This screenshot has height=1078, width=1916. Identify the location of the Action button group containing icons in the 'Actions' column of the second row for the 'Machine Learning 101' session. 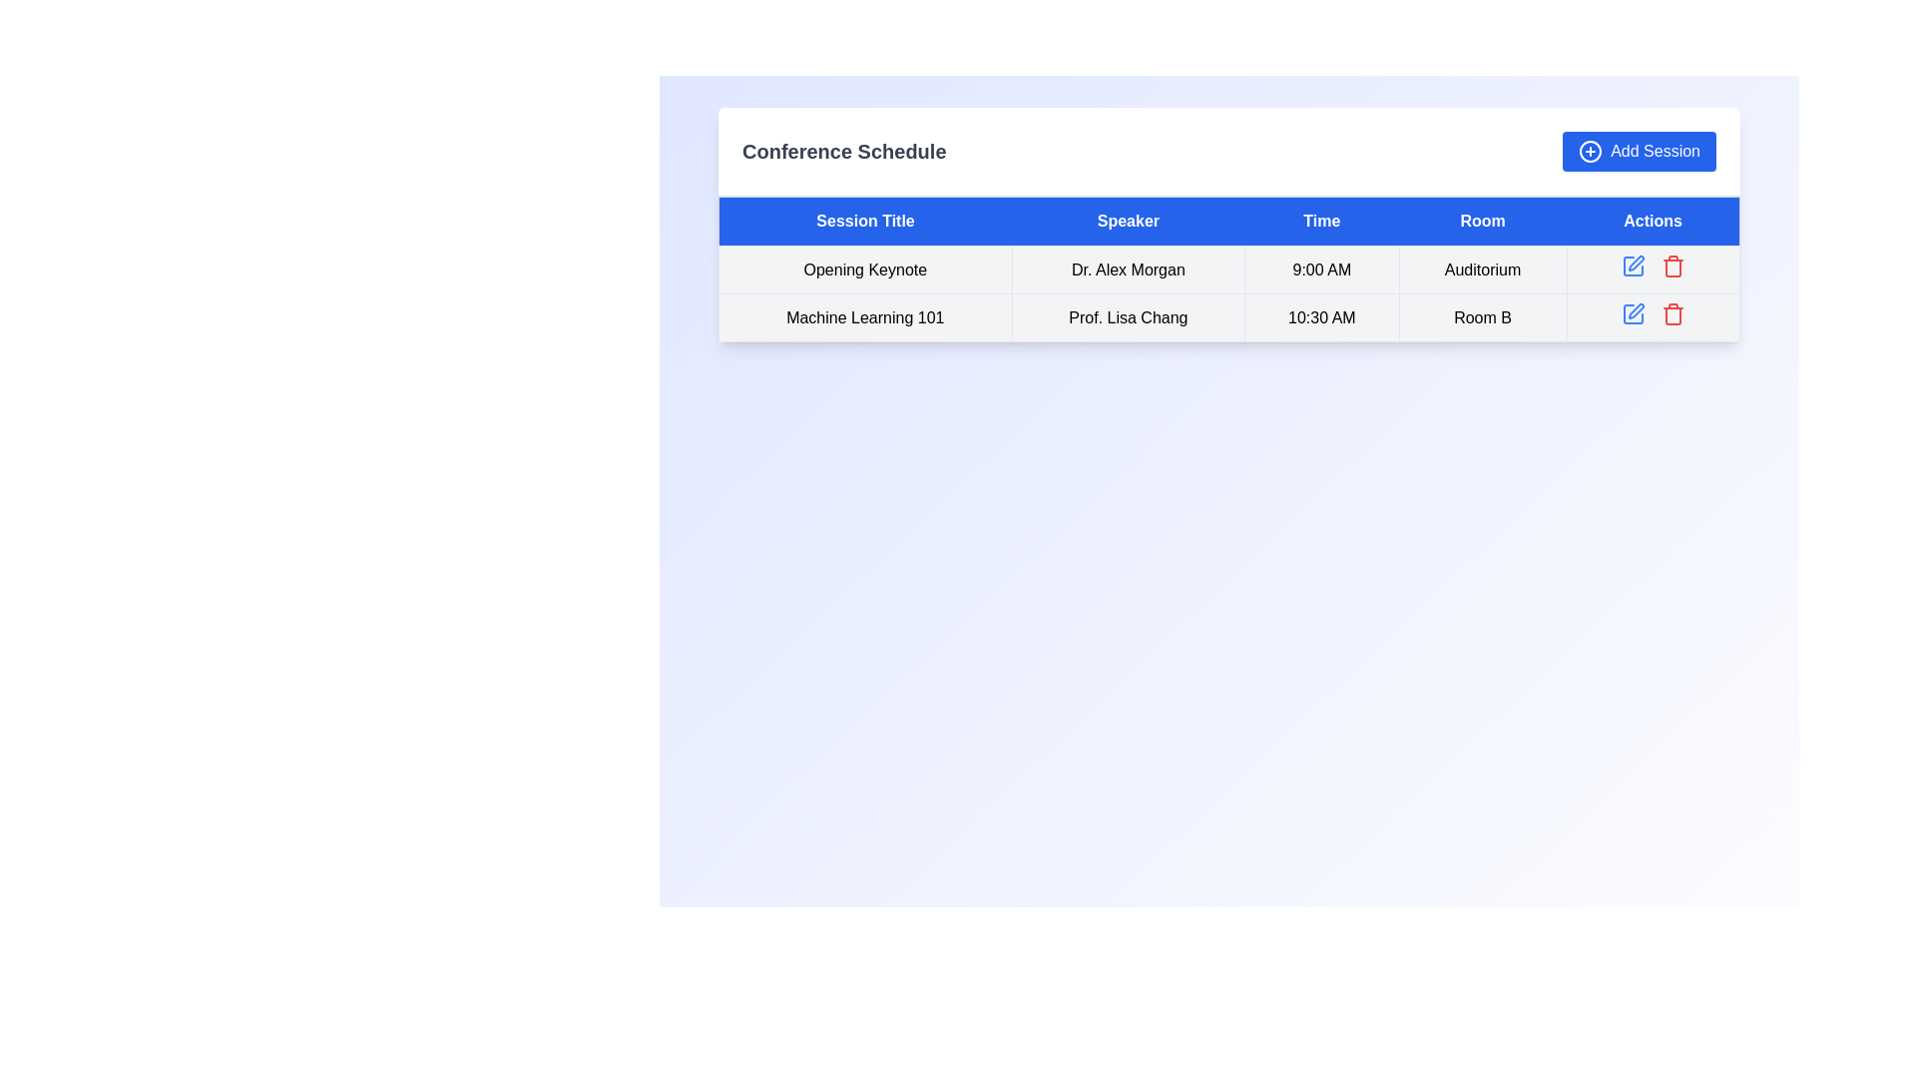
(1653, 316).